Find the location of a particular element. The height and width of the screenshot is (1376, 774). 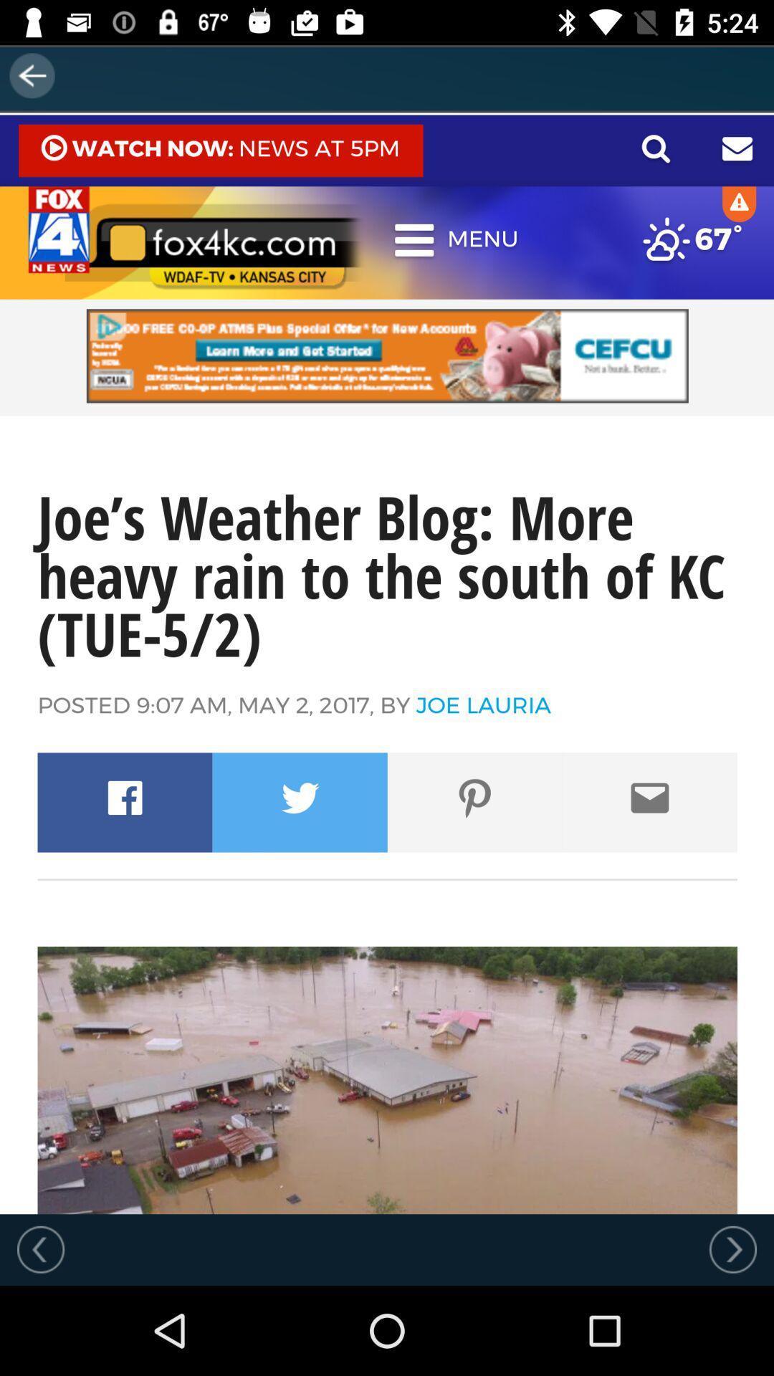

the arrow_backward icon is located at coordinates (41, 75).